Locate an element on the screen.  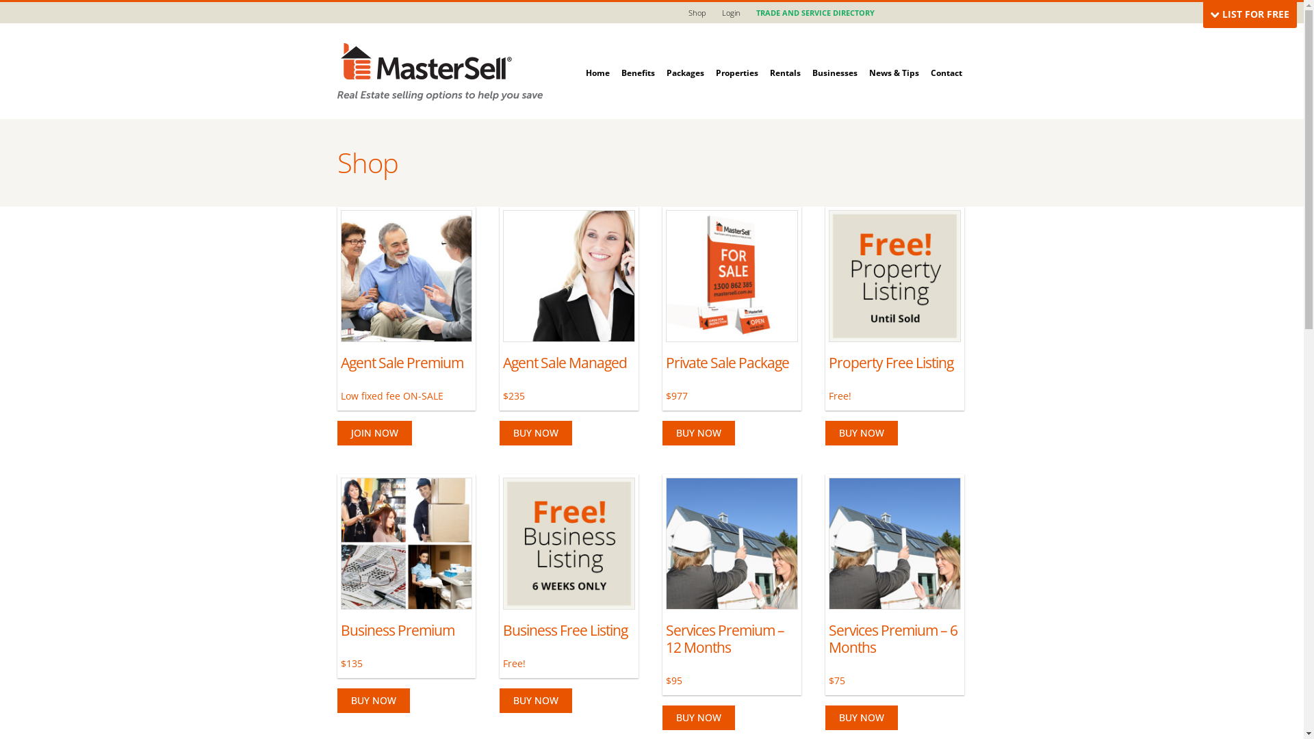
'Property Free Listing is located at coordinates (827, 305).